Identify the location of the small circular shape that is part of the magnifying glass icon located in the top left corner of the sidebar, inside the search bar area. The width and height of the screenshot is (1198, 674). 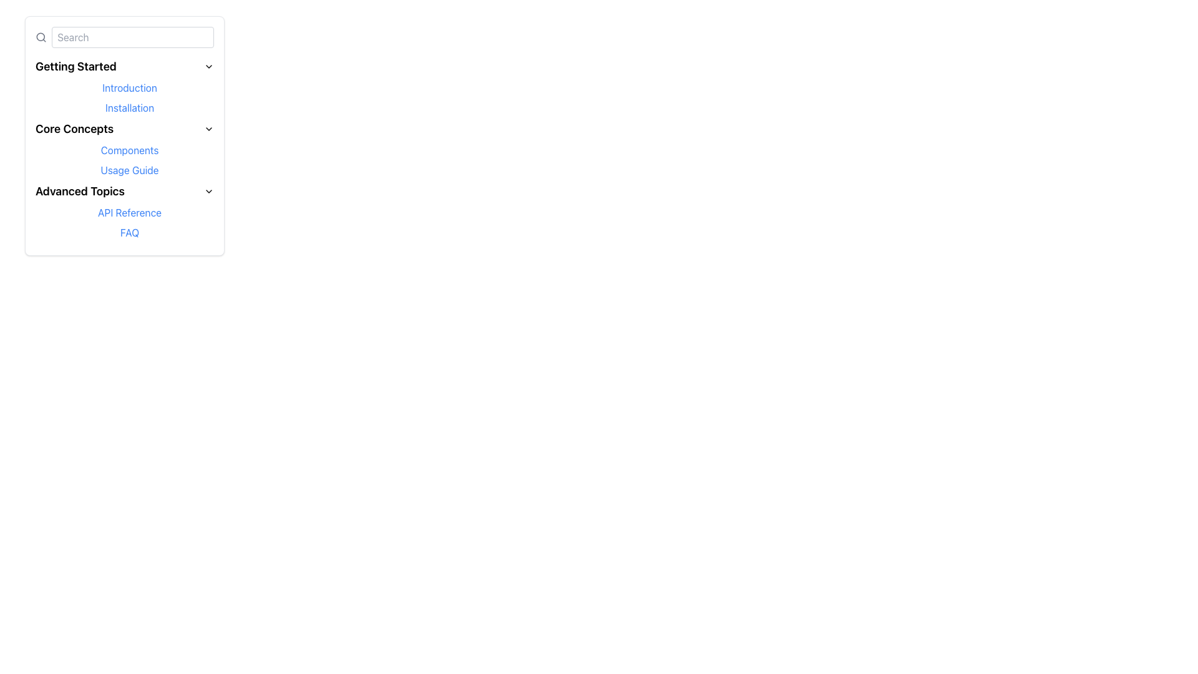
(41, 36).